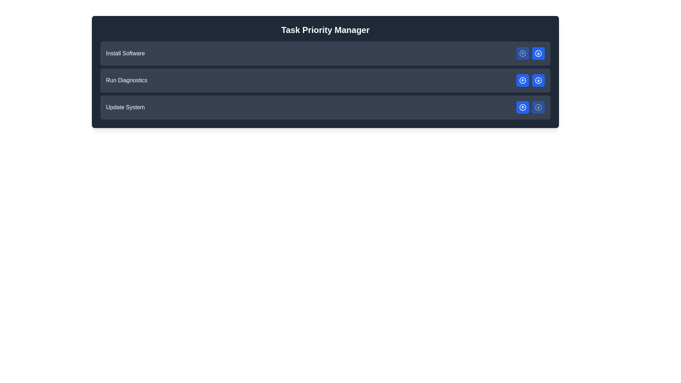 Image resolution: width=681 pixels, height=383 pixels. What do you see at coordinates (538, 53) in the screenshot?
I see `the download icon located on the rightmost side of the second row in the task management interface, which indicates actions related to downward movement or downloading` at bounding box center [538, 53].